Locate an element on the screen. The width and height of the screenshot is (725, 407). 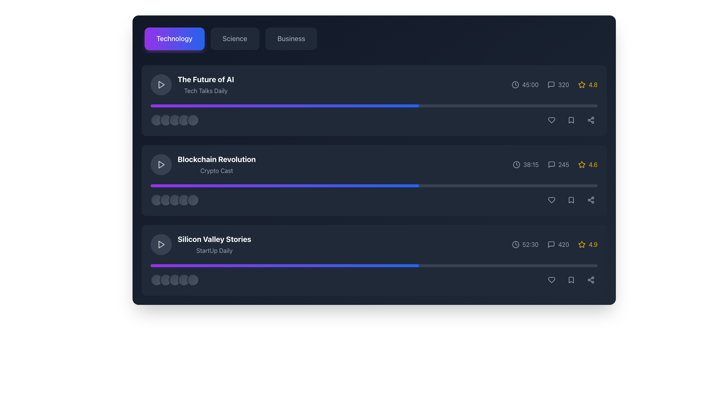
the share icon featuring three interconnected circular dots in gray outline located in the bottom-right corner of the 'Blockchain Revolution' podcast card to initiate a sharing action is located at coordinates (590, 120).